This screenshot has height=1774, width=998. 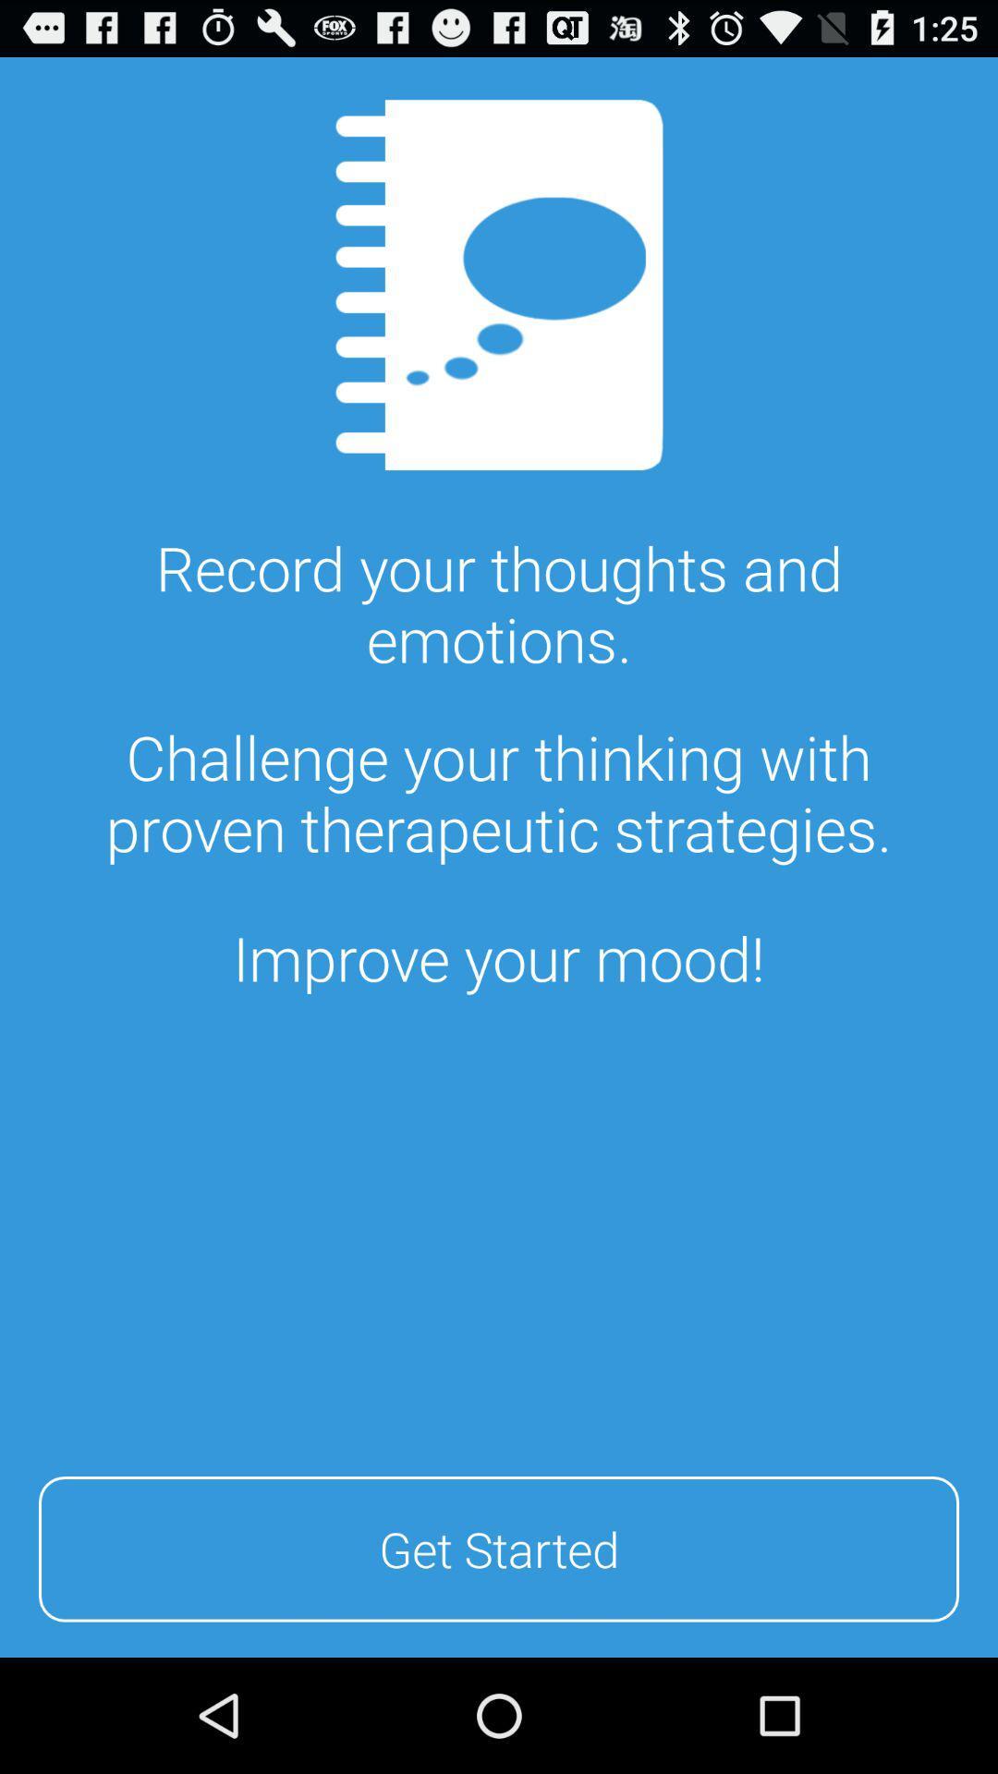 I want to click on the icon at the bottom, so click(x=499, y=1546).